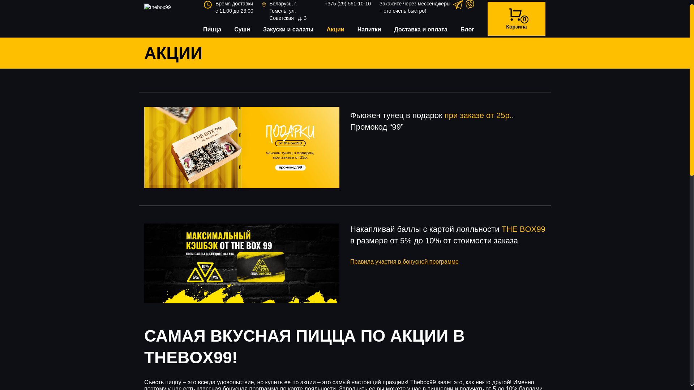 Image resolution: width=694 pixels, height=390 pixels. I want to click on '+375 (29) 561-10-10', so click(347, 4).